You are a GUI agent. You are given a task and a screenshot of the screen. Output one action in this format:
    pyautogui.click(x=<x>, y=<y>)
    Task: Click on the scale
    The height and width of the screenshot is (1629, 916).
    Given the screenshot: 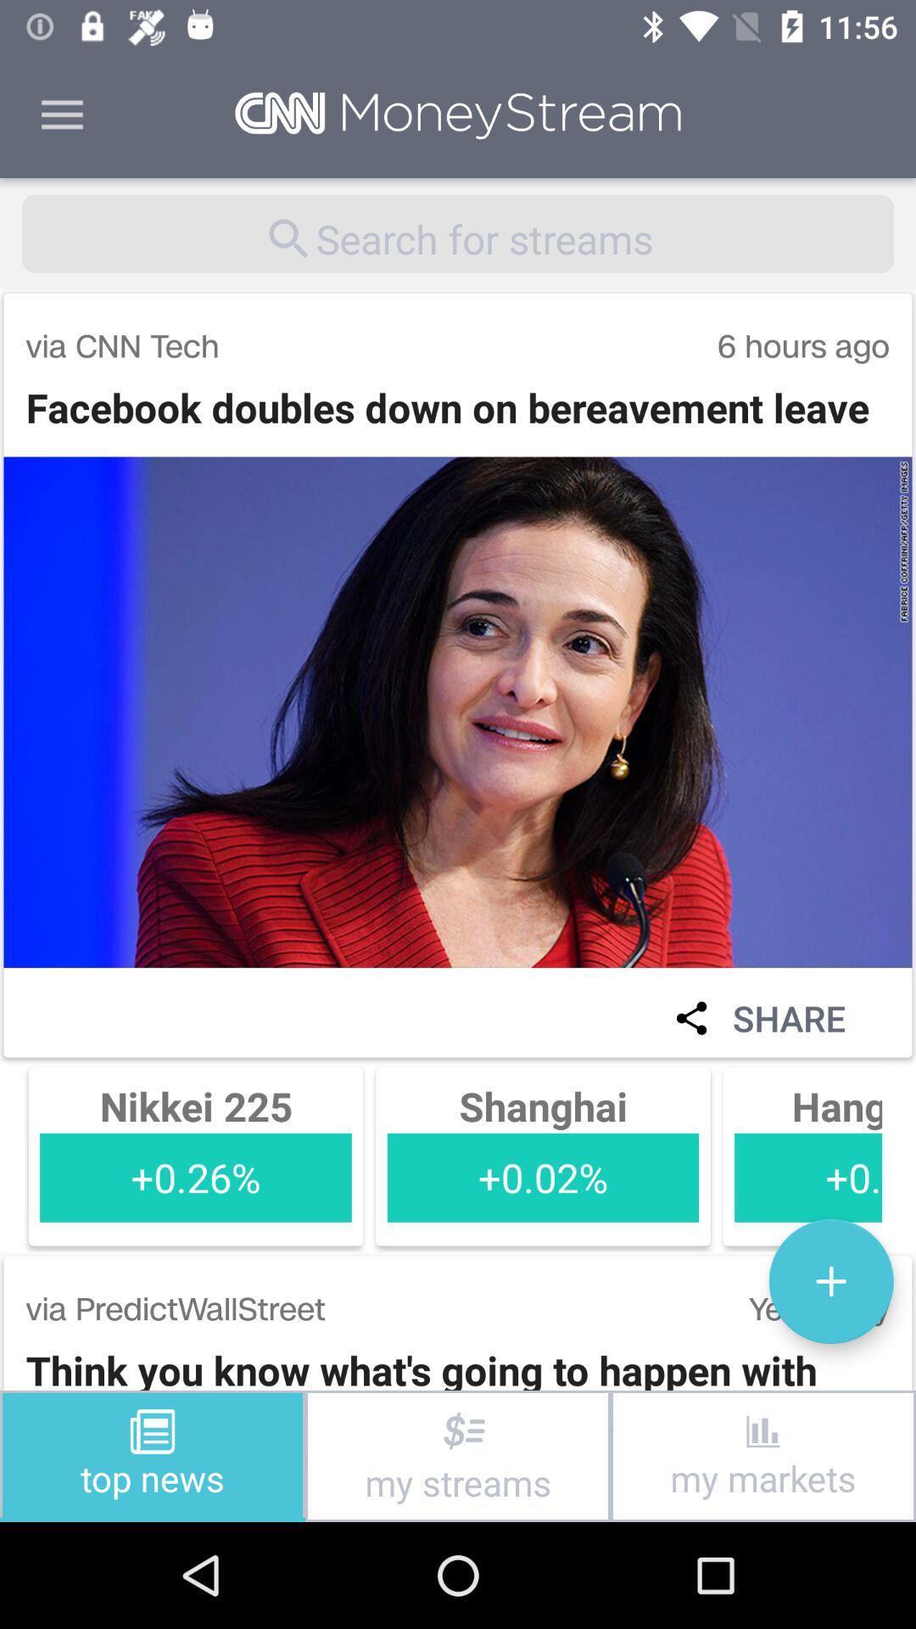 What is the action you would take?
    pyautogui.click(x=830, y=1281)
    